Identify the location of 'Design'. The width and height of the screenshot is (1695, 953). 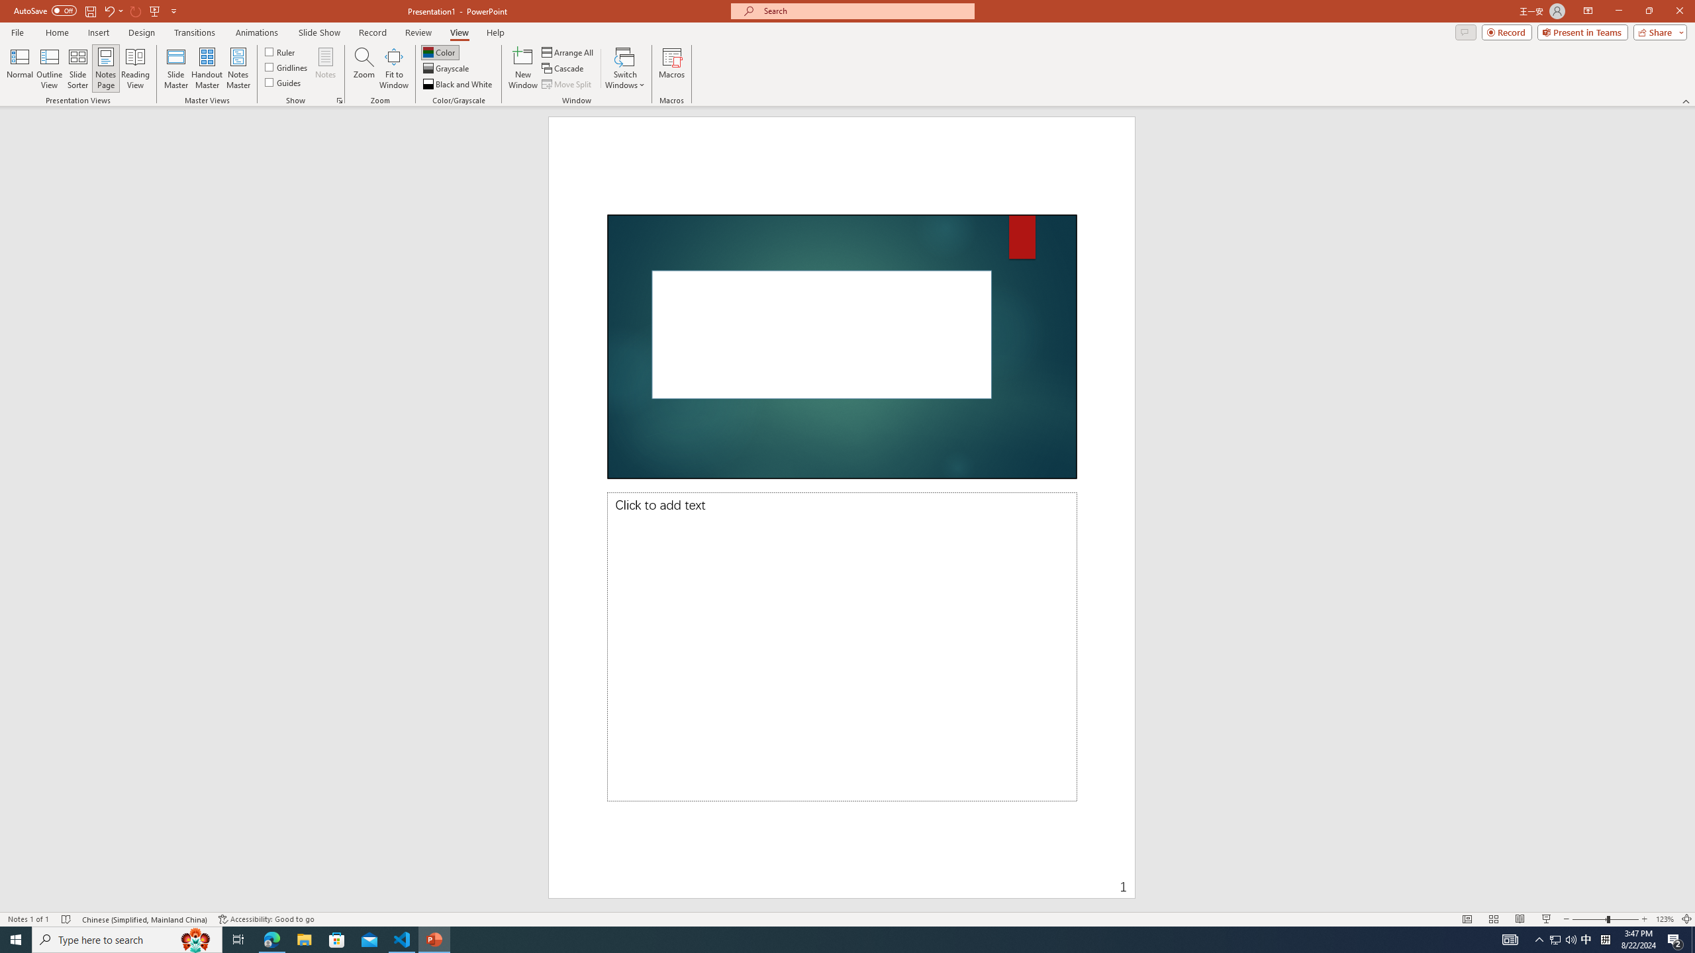
(142, 32).